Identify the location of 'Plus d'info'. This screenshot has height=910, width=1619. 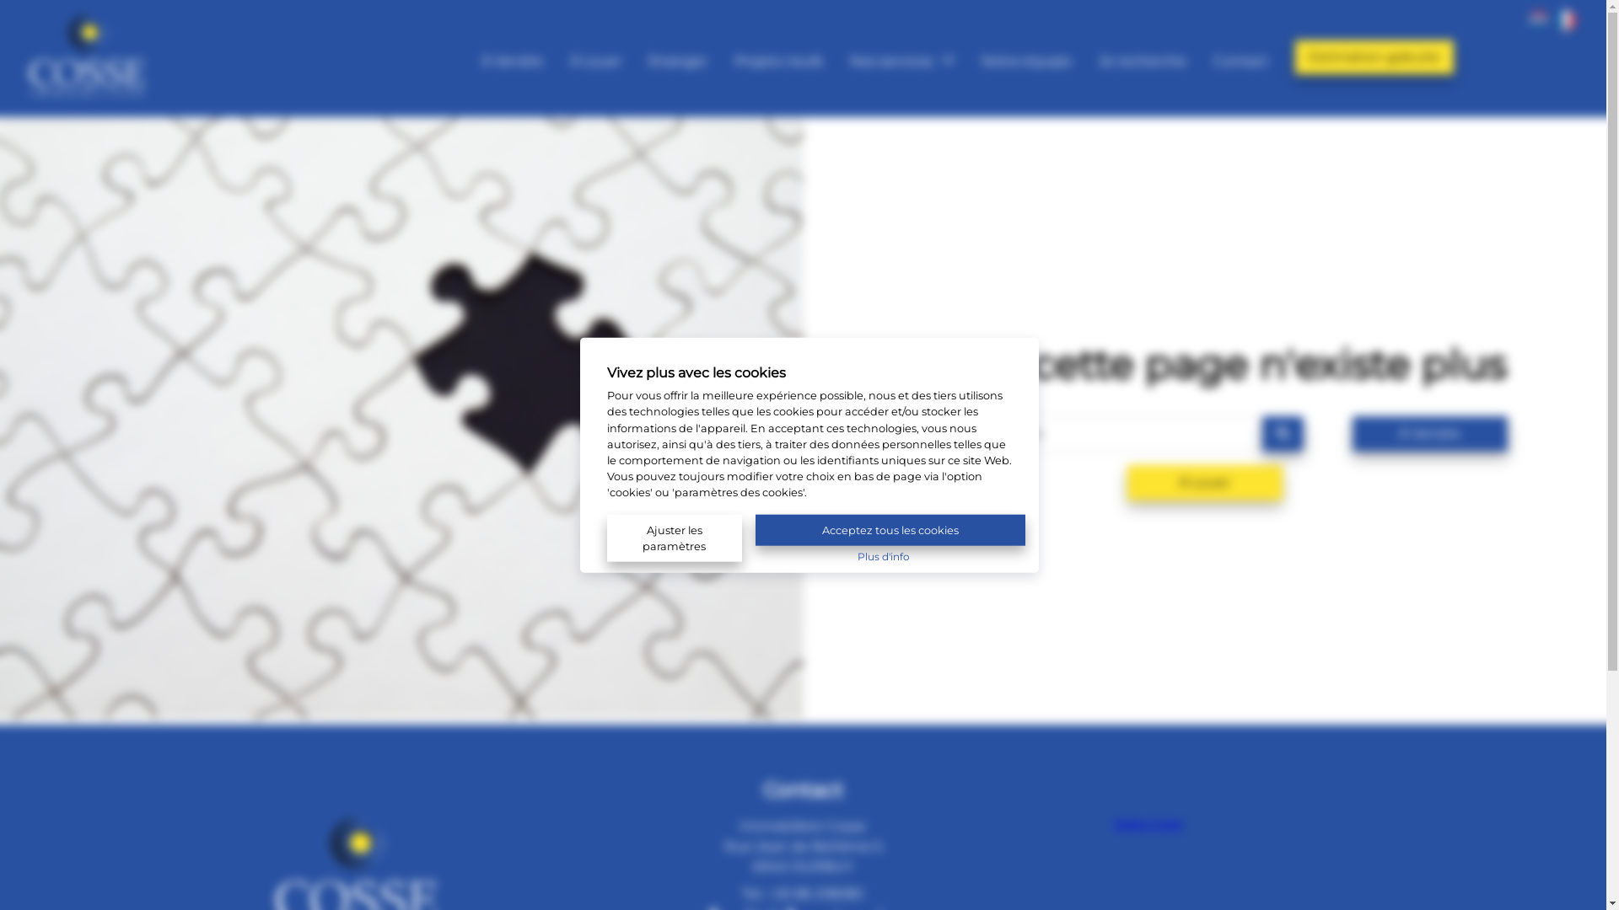
(882, 554).